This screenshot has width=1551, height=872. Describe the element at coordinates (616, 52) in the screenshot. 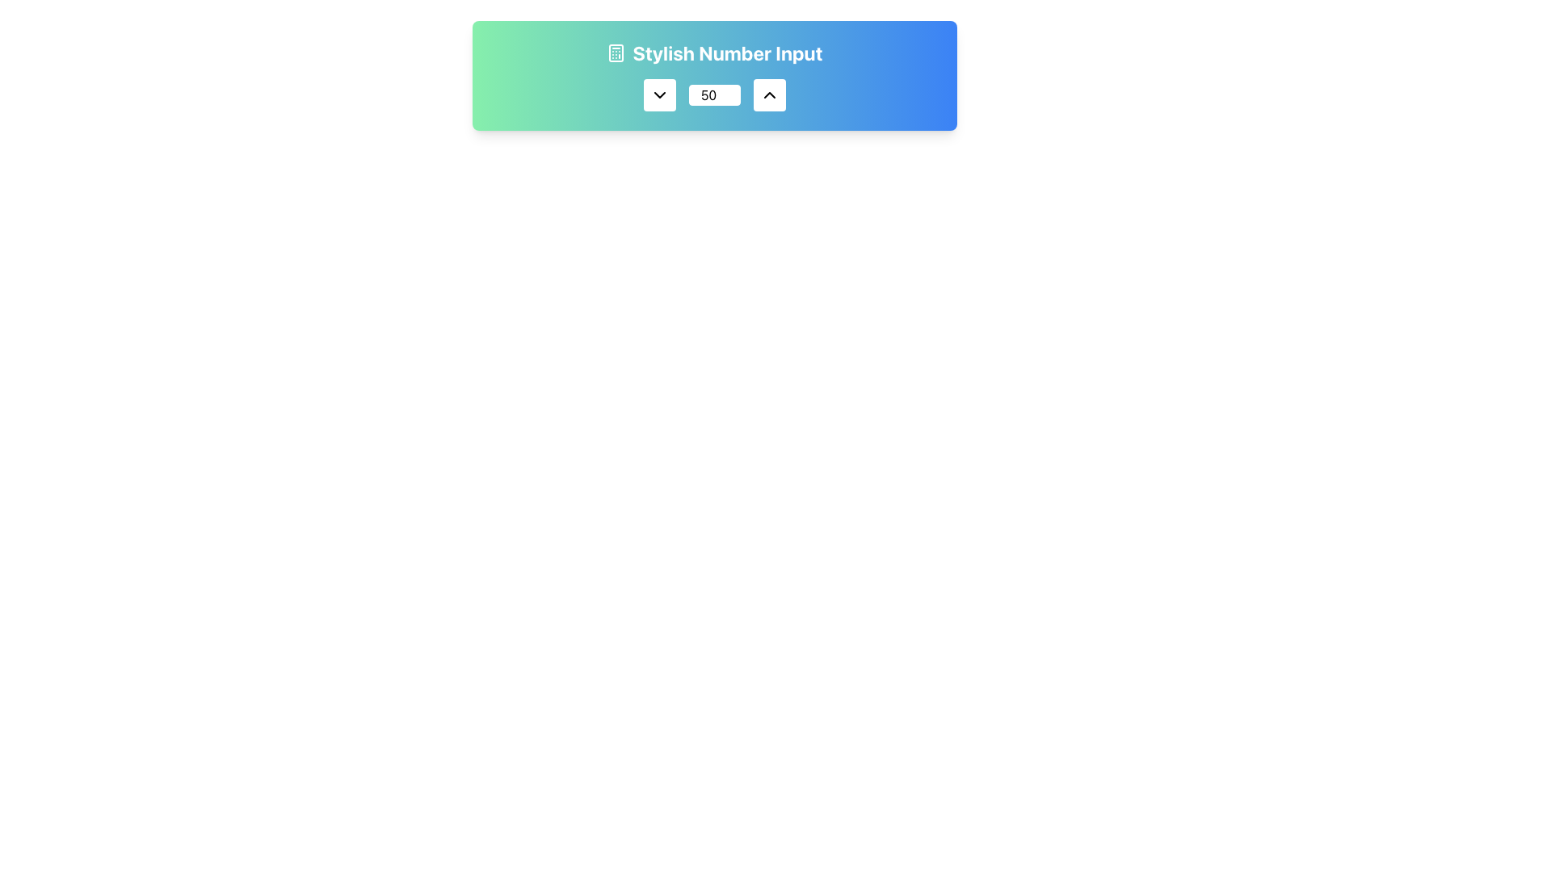

I see `the calculator icon located to the left of the 'Stylish Number Input' text label, which features a modern outline and a minimalistic design` at that location.